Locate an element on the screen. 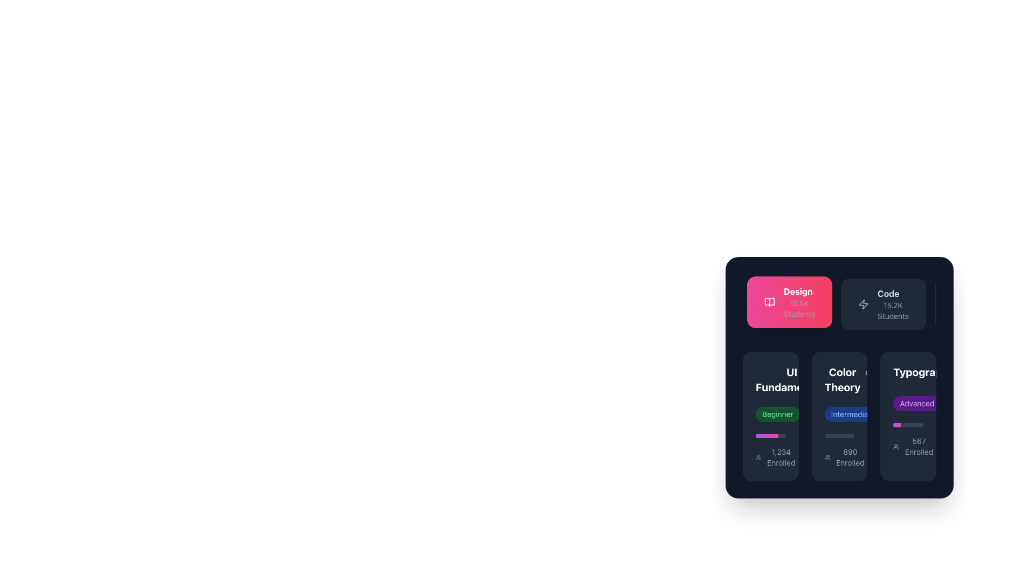 The image size is (1035, 582). the title text of the 'Color Theory' course located in the upper section of the 'Color Theory' card group is located at coordinates (839, 379).